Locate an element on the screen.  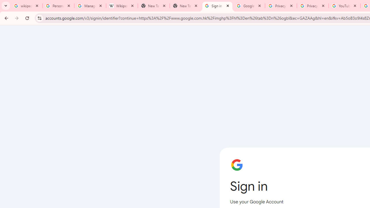
'Manage your Location History - Google Search Help' is located at coordinates (90, 6).